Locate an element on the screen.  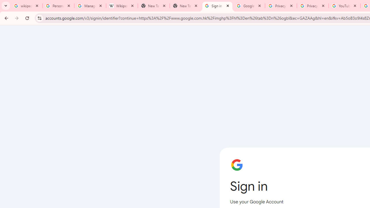
'Manage your Location History - Google Search Help' is located at coordinates (90, 6).